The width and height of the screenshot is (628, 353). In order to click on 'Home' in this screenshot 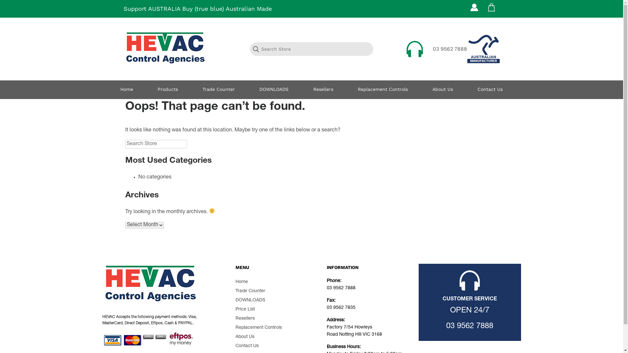, I will do `click(241, 282)`.